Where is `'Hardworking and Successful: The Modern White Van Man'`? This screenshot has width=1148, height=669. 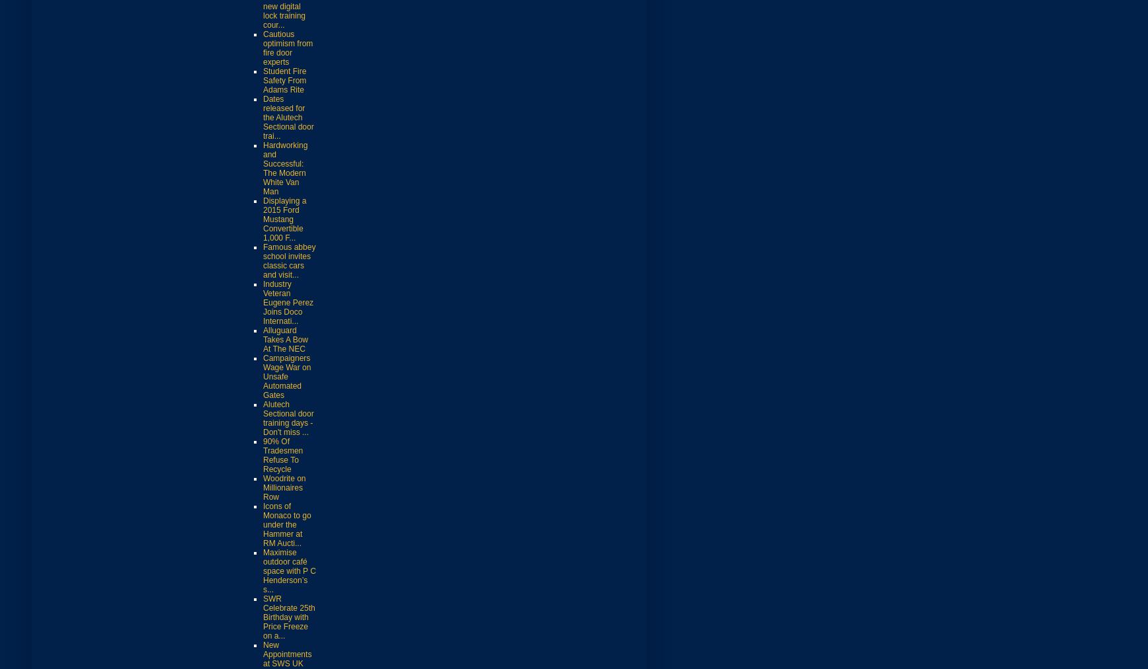 'Hardworking and Successful: The Modern White Van Man' is located at coordinates (263, 167).